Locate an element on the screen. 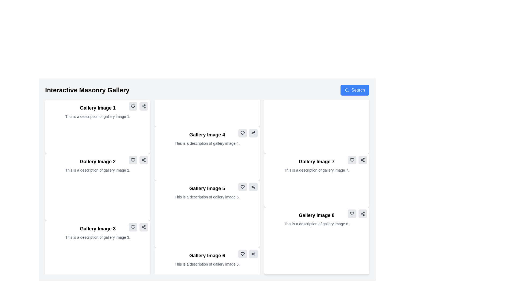 The height and width of the screenshot is (290, 516). text from the label titled 'Gallery Image 6' and its description 'This is a description of gallery image 6.' located in the sixth card of the masonry gallery layout is located at coordinates (207, 259).